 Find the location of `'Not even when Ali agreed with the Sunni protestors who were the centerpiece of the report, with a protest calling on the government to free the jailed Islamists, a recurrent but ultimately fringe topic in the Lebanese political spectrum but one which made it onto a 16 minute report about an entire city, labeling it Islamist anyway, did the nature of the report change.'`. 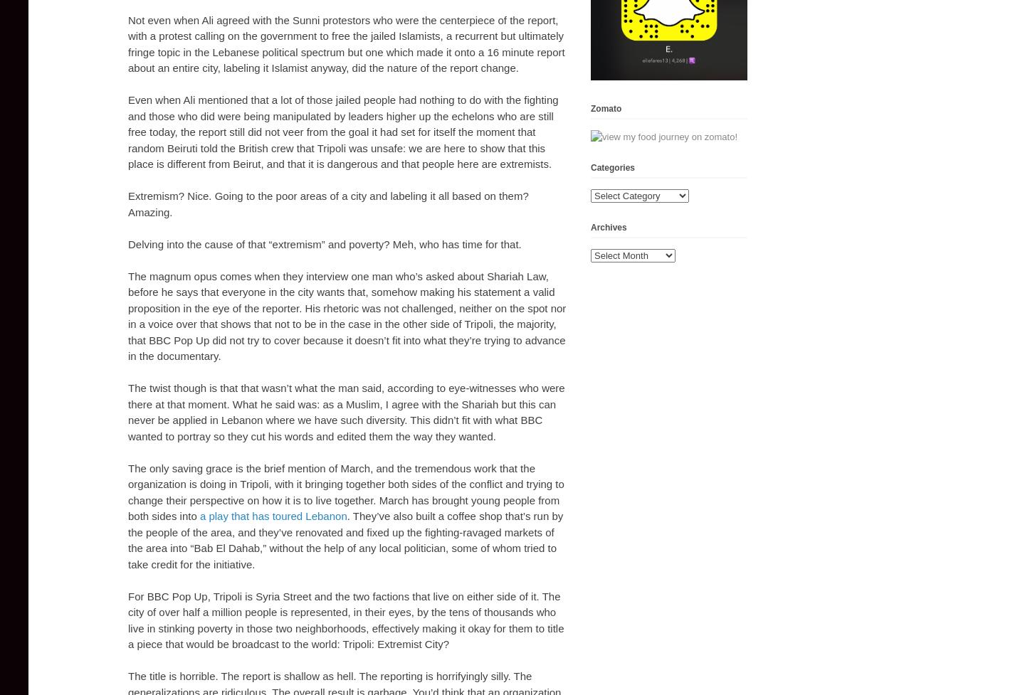

'Not even when Ali agreed with the Sunni protestors who were the centerpiece of the report, with a protest calling on the government to free the jailed Islamists, a recurrent but ultimately fringe topic in the Lebanese political spectrum but one which made it onto a 16 minute report about an entire city, labeling it Islamist anyway, did the nature of the report change.' is located at coordinates (345, 43).